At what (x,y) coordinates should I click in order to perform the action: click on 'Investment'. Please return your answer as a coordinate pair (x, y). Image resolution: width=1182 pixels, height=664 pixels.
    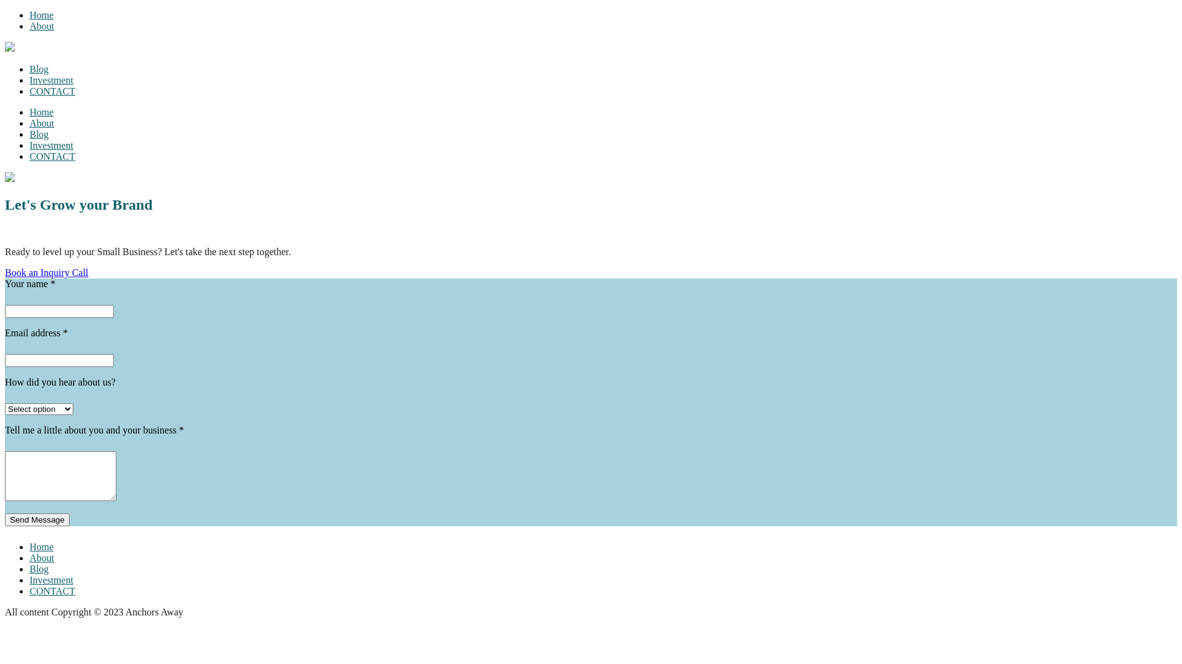
    Looking at the image, I should click on (50, 80).